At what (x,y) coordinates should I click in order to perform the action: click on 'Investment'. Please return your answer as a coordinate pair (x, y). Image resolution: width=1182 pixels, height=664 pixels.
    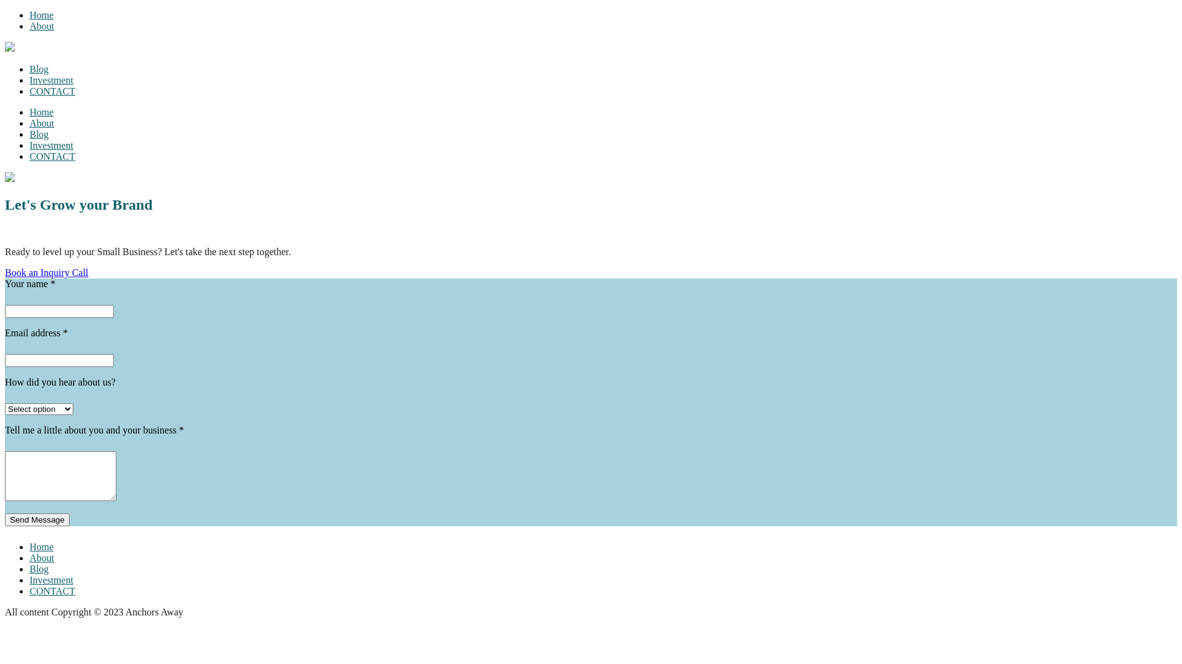
    Looking at the image, I should click on (50, 80).